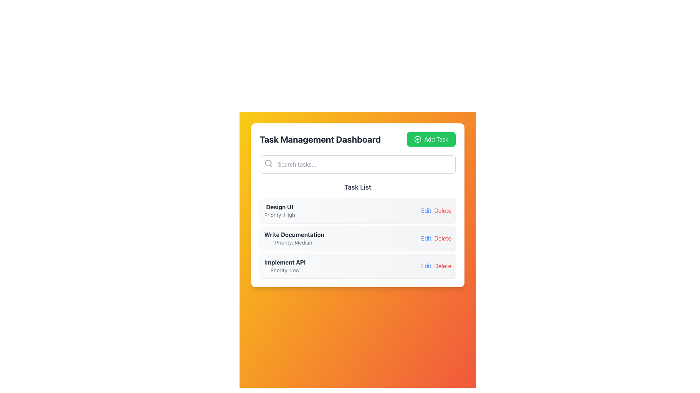 The image size is (700, 393). What do you see at coordinates (268, 162) in the screenshot?
I see `the circular outline of the magnifying glass icon located in the leftmost area of the search bar` at bounding box center [268, 162].